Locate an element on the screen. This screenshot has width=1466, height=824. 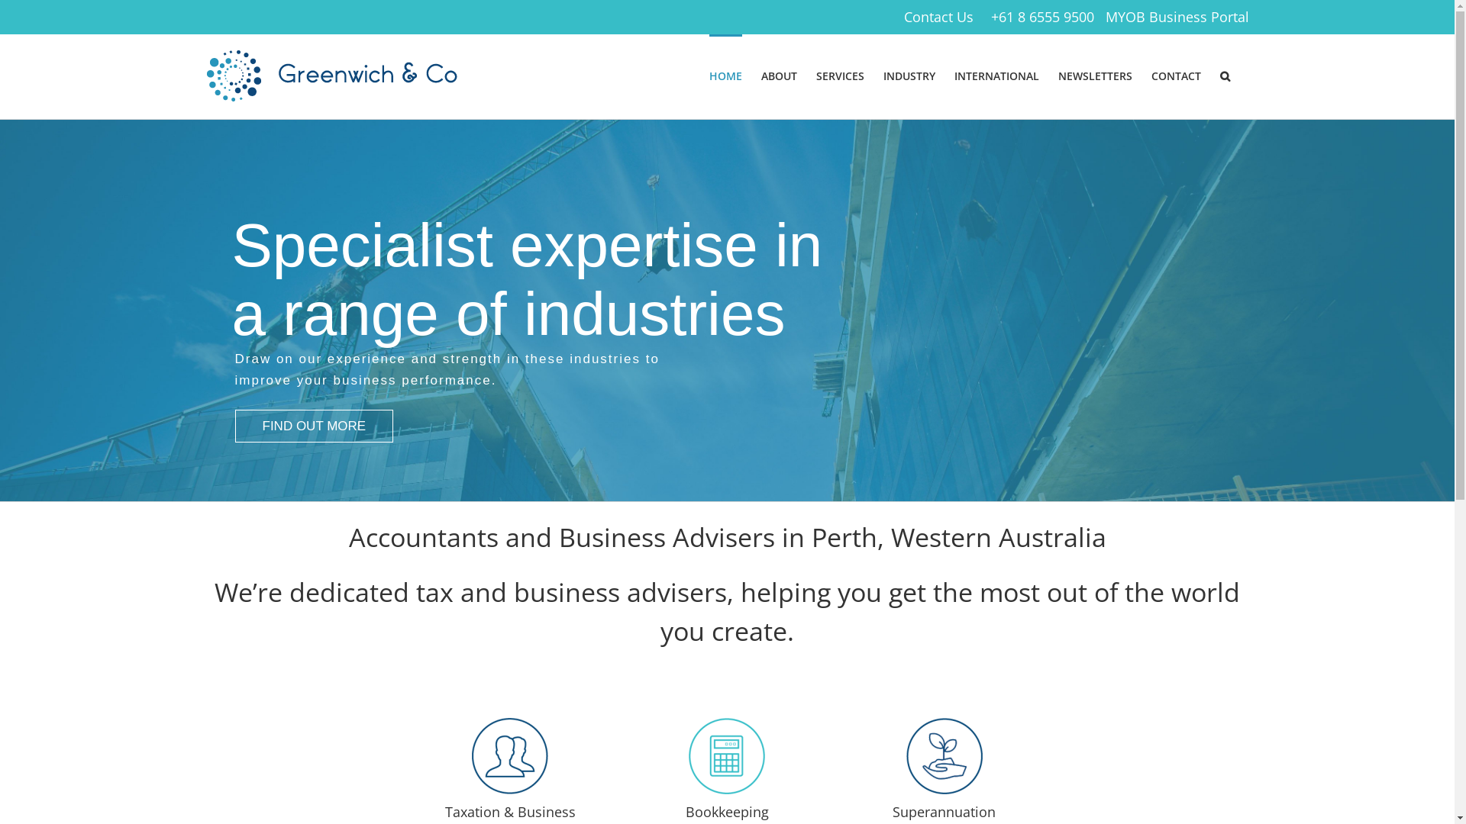
'MYOB Business Portal' is located at coordinates (1176, 17).